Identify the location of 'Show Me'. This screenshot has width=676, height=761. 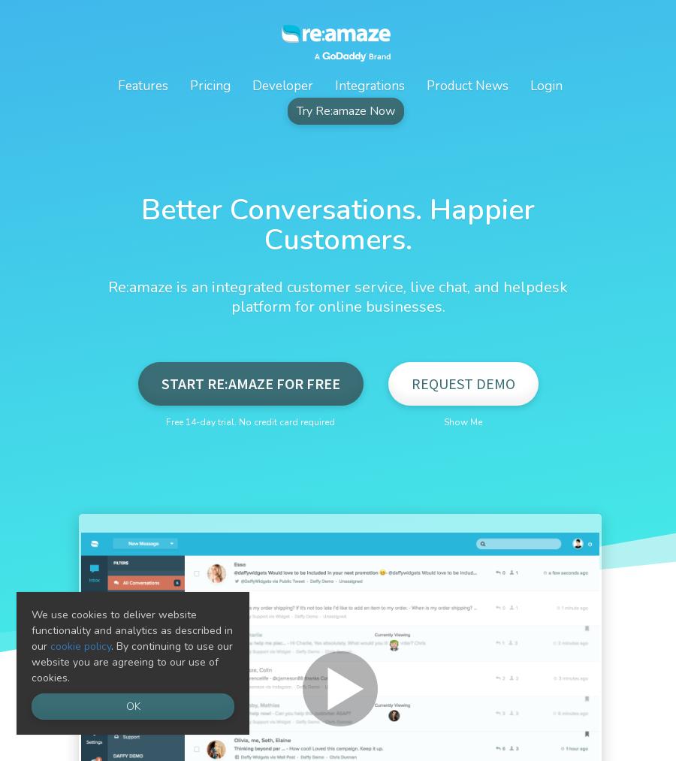
(463, 422).